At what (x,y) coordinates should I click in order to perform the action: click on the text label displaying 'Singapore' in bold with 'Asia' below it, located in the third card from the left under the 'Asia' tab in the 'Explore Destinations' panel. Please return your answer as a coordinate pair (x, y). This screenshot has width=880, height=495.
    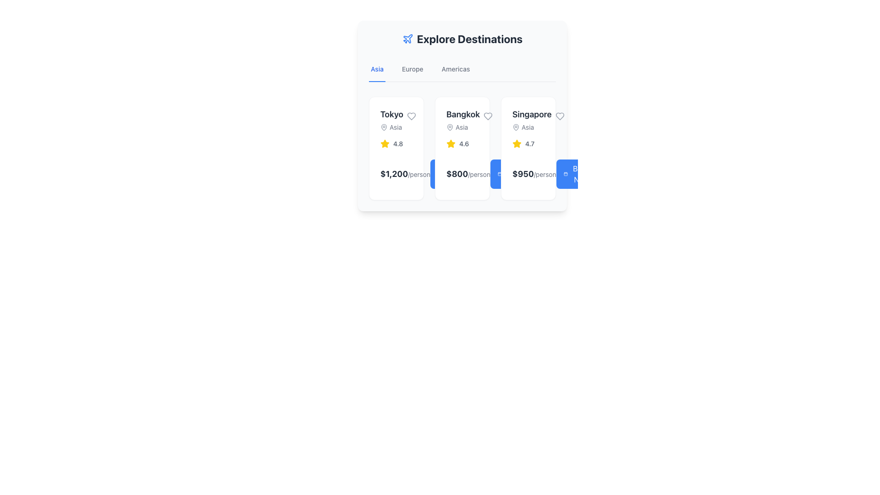
    Looking at the image, I should click on (528, 120).